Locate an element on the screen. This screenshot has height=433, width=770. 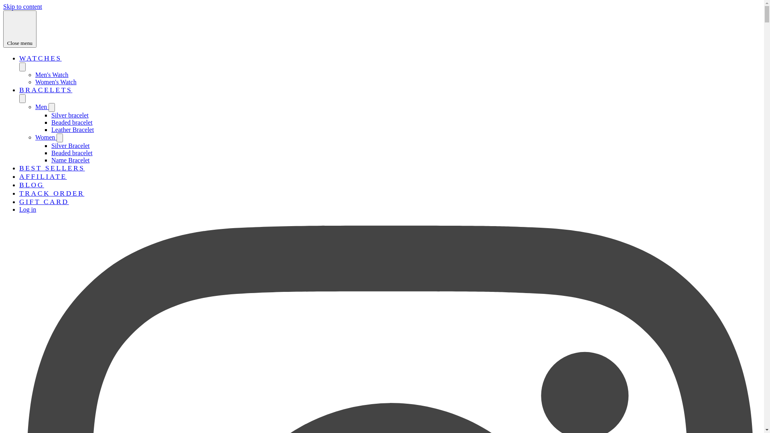
'Women's Watch' is located at coordinates (55, 82).